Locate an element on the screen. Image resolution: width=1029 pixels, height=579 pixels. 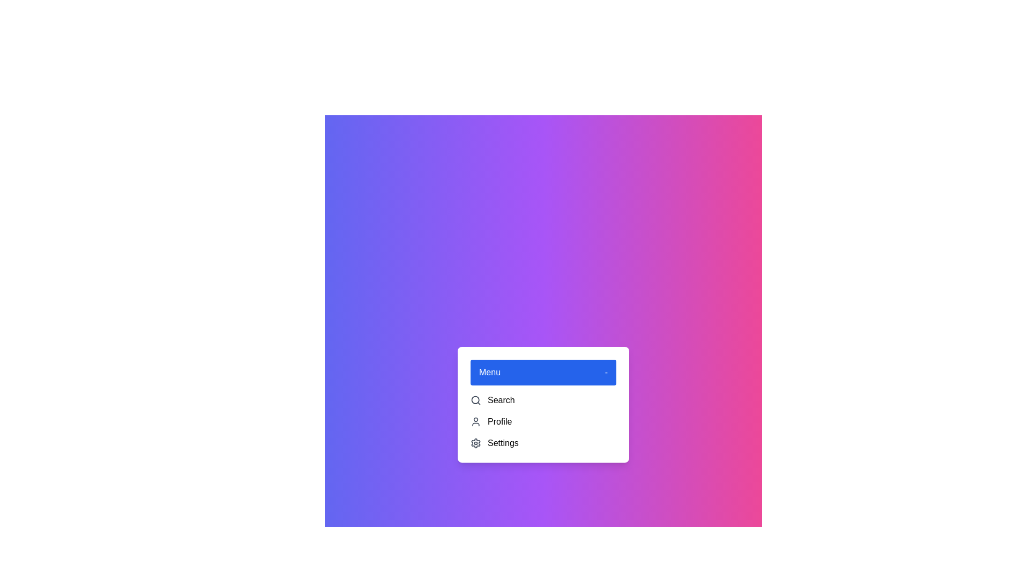
the 'Search' option in the dropdown menu is located at coordinates (501, 400).